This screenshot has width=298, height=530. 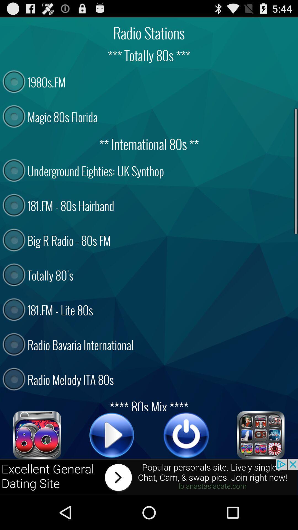 What do you see at coordinates (186, 435) in the screenshot?
I see `stop option` at bounding box center [186, 435].